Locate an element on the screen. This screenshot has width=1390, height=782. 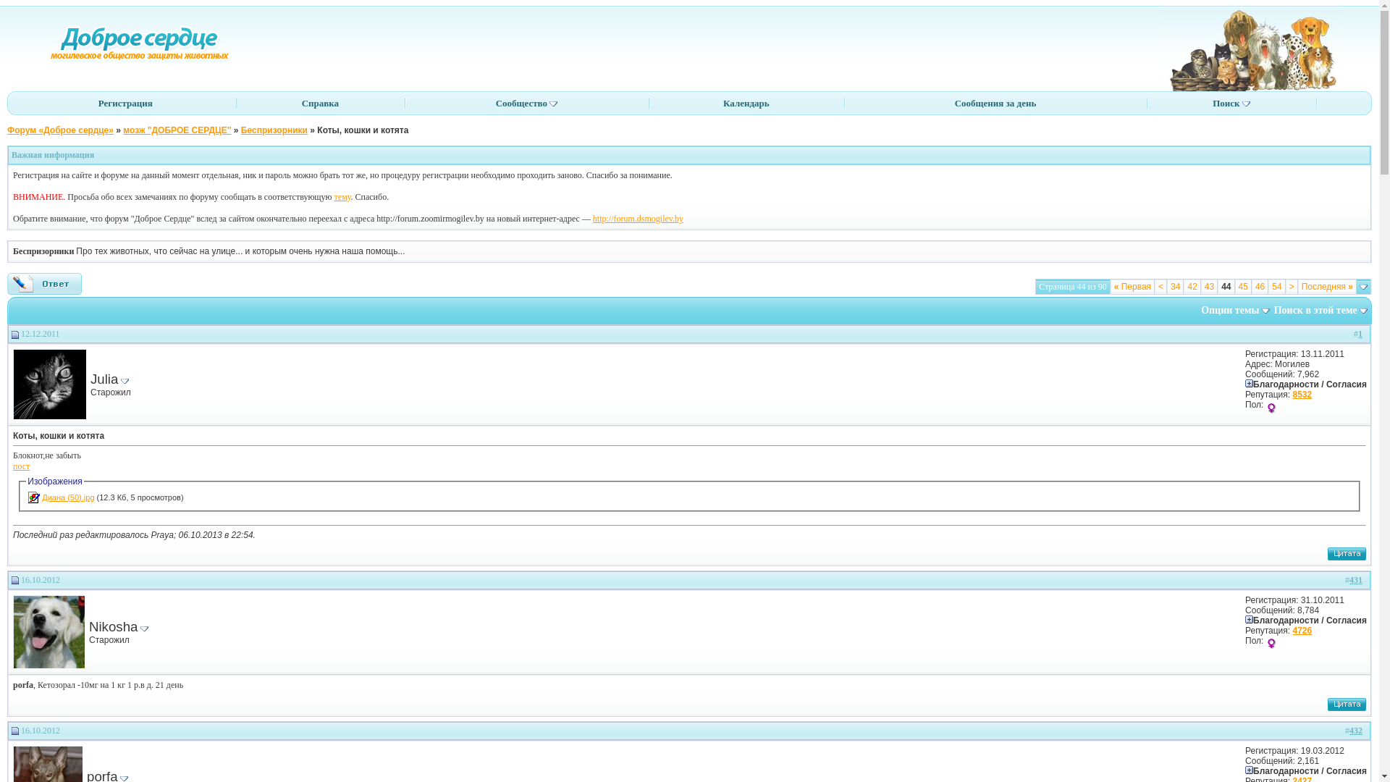
'8532' is located at coordinates (1302, 394).